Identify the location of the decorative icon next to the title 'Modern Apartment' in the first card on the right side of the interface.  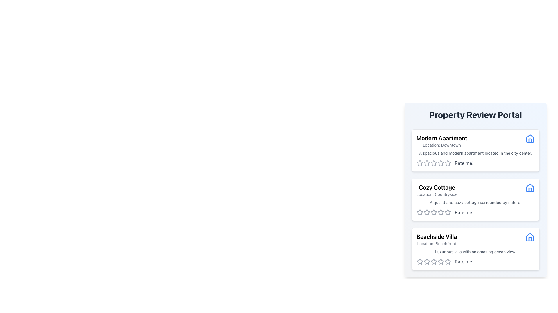
(530, 139).